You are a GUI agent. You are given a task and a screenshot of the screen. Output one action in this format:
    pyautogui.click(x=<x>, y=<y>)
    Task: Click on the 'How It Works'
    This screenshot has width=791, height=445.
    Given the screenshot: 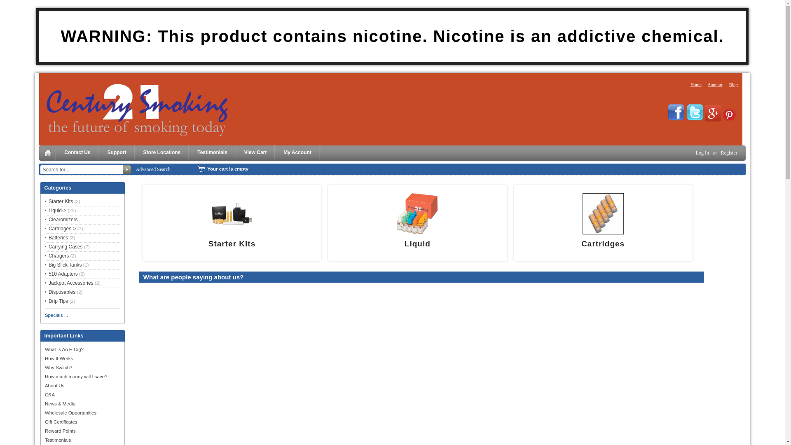 What is the action you would take?
    pyautogui.click(x=59, y=358)
    